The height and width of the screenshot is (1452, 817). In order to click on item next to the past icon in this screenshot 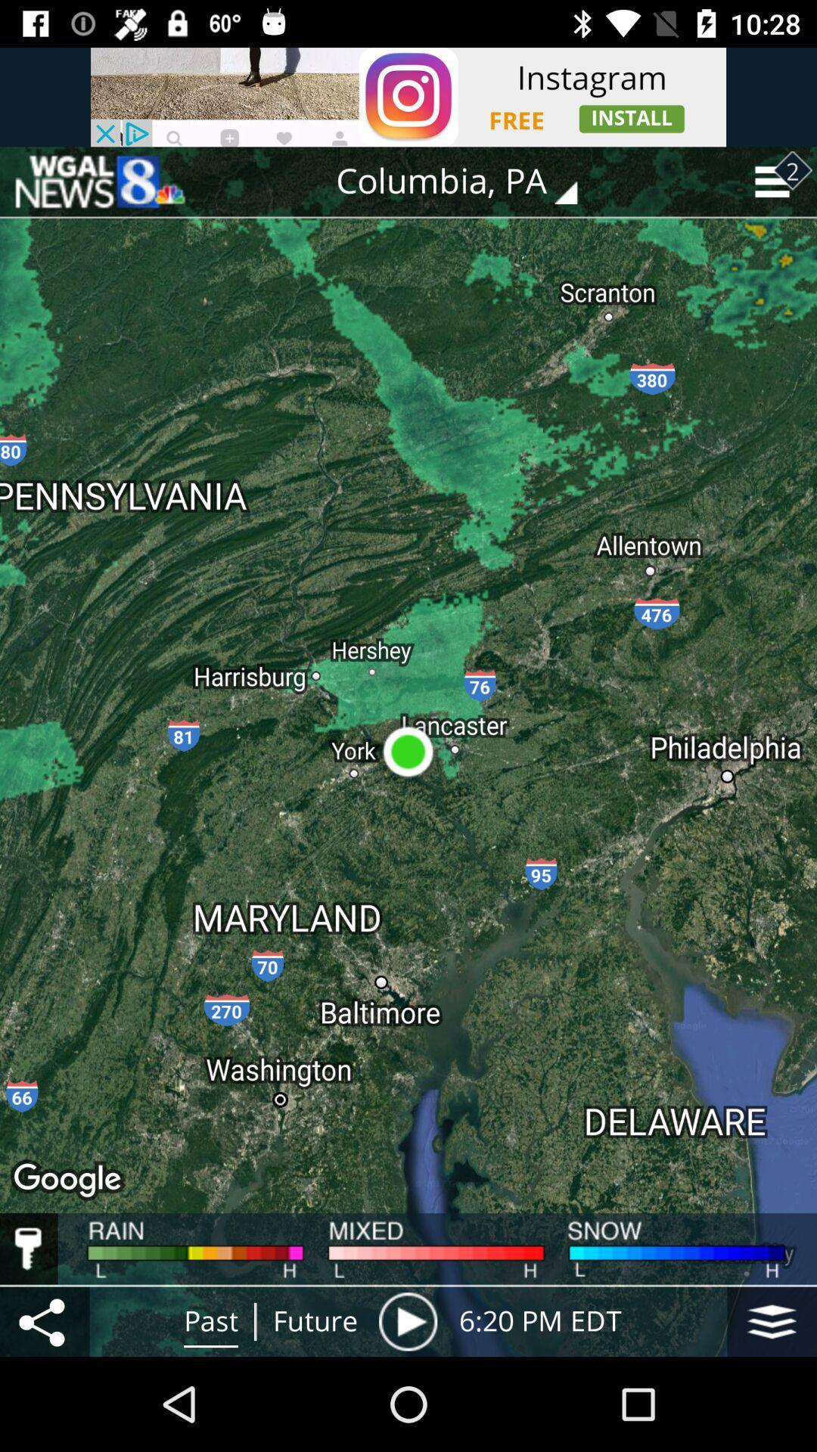, I will do `click(44, 1320)`.